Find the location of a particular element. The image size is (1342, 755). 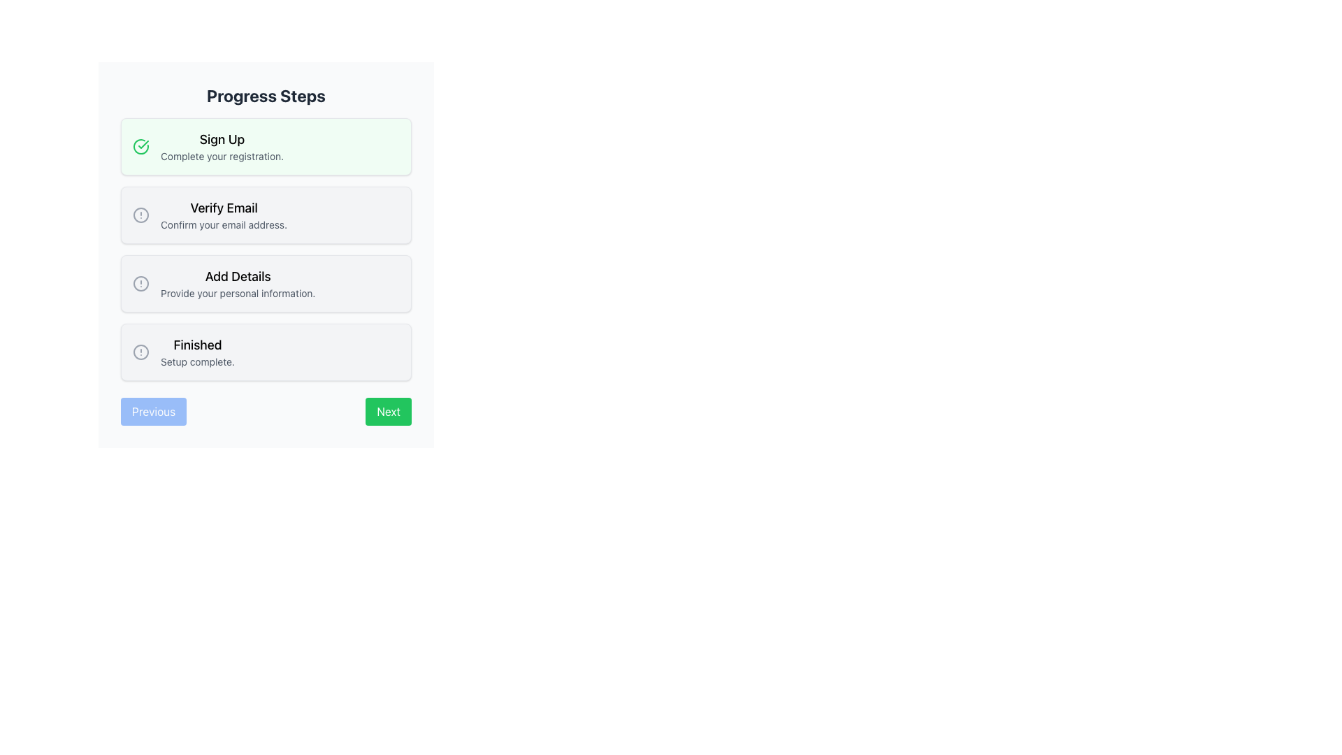

the static textual description located beneath the 'Verify Email' heading in the second step of the progress list is located at coordinates (224, 224).